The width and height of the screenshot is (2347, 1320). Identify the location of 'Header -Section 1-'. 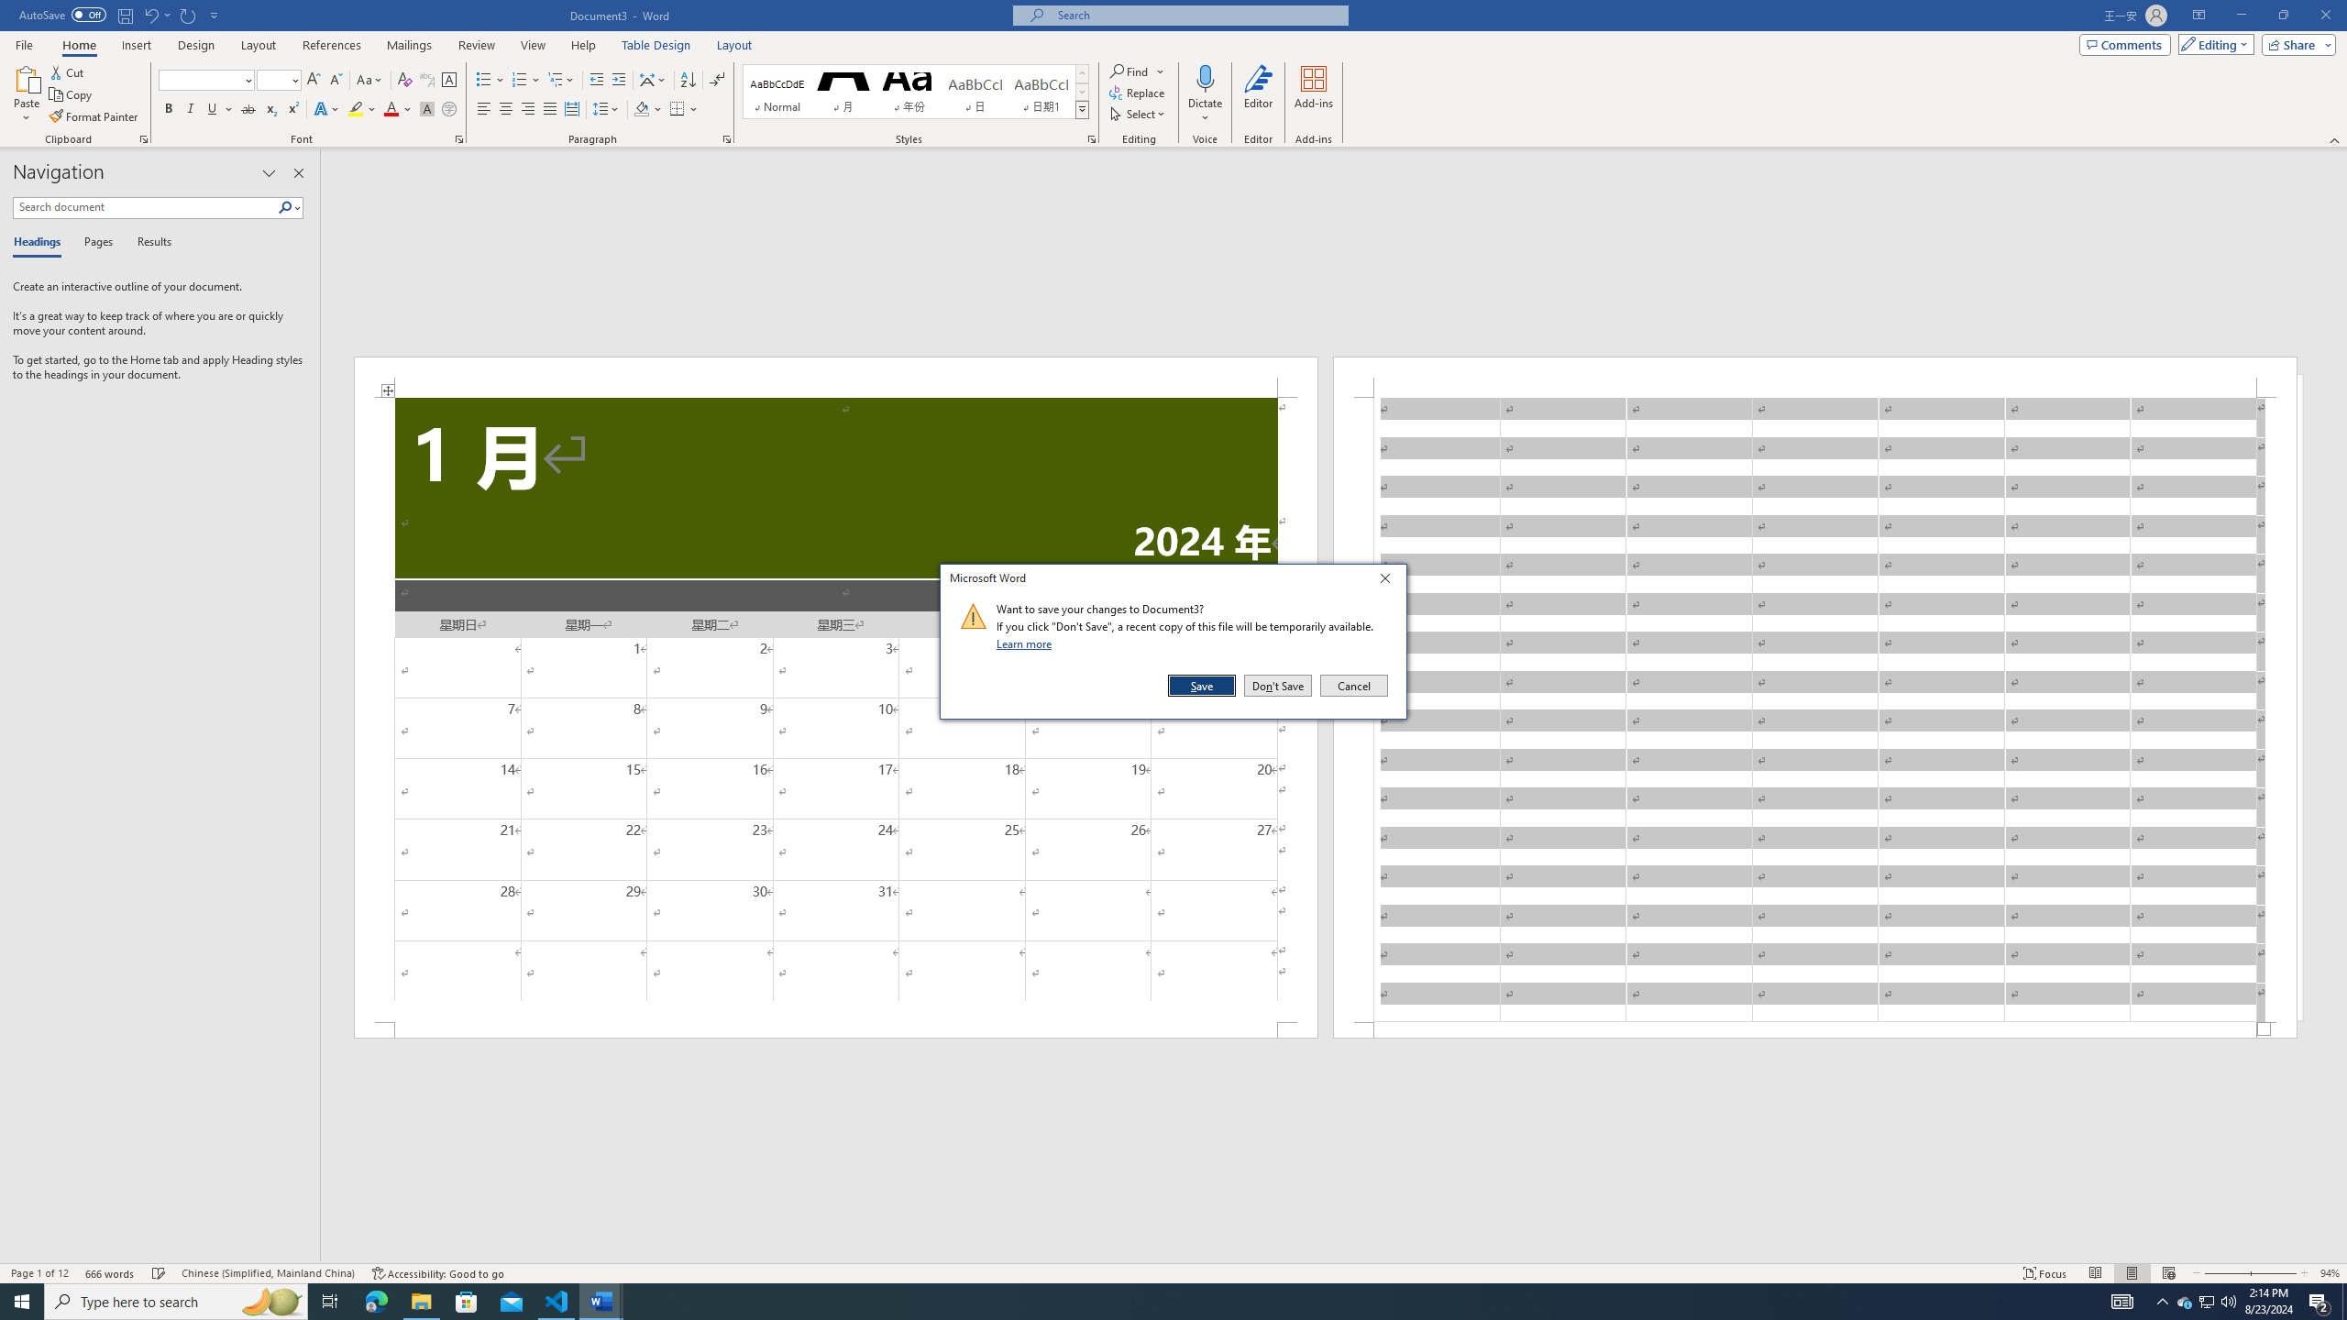
(1815, 376).